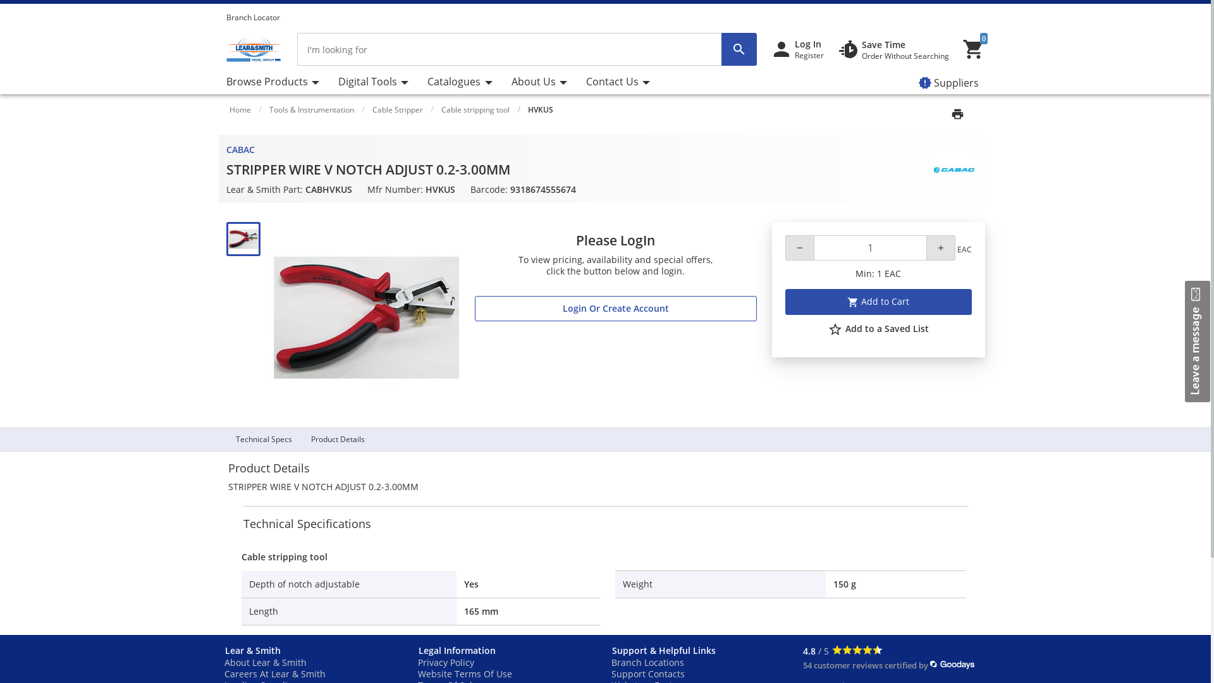 The height and width of the screenshot is (683, 1214). Describe the element at coordinates (240, 109) in the screenshot. I see `'Home'` at that location.